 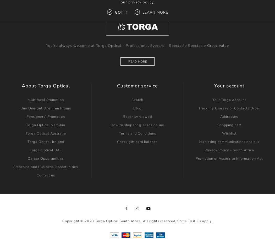 What do you see at coordinates (229, 125) in the screenshot?
I see `'Shopping cart'` at bounding box center [229, 125].